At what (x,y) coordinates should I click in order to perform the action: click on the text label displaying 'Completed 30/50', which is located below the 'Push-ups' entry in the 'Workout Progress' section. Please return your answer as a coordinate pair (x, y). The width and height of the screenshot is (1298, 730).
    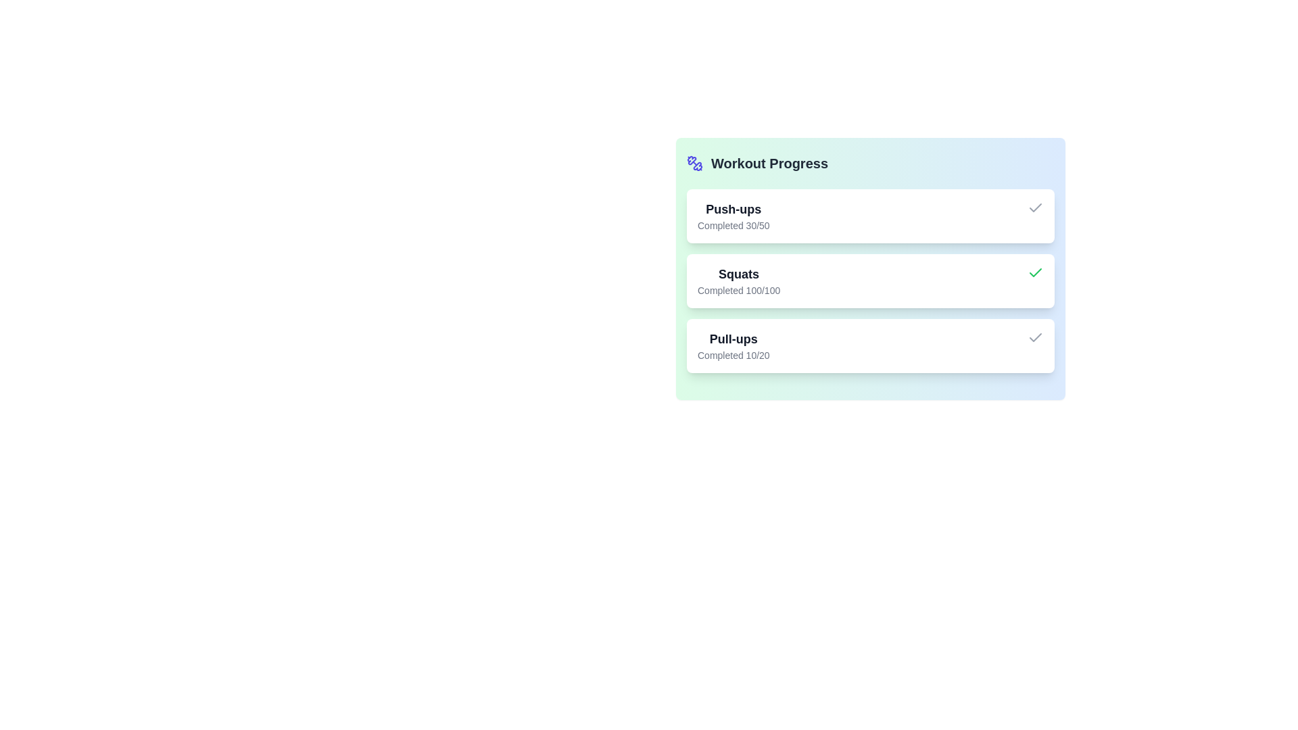
    Looking at the image, I should click on (733, 225).